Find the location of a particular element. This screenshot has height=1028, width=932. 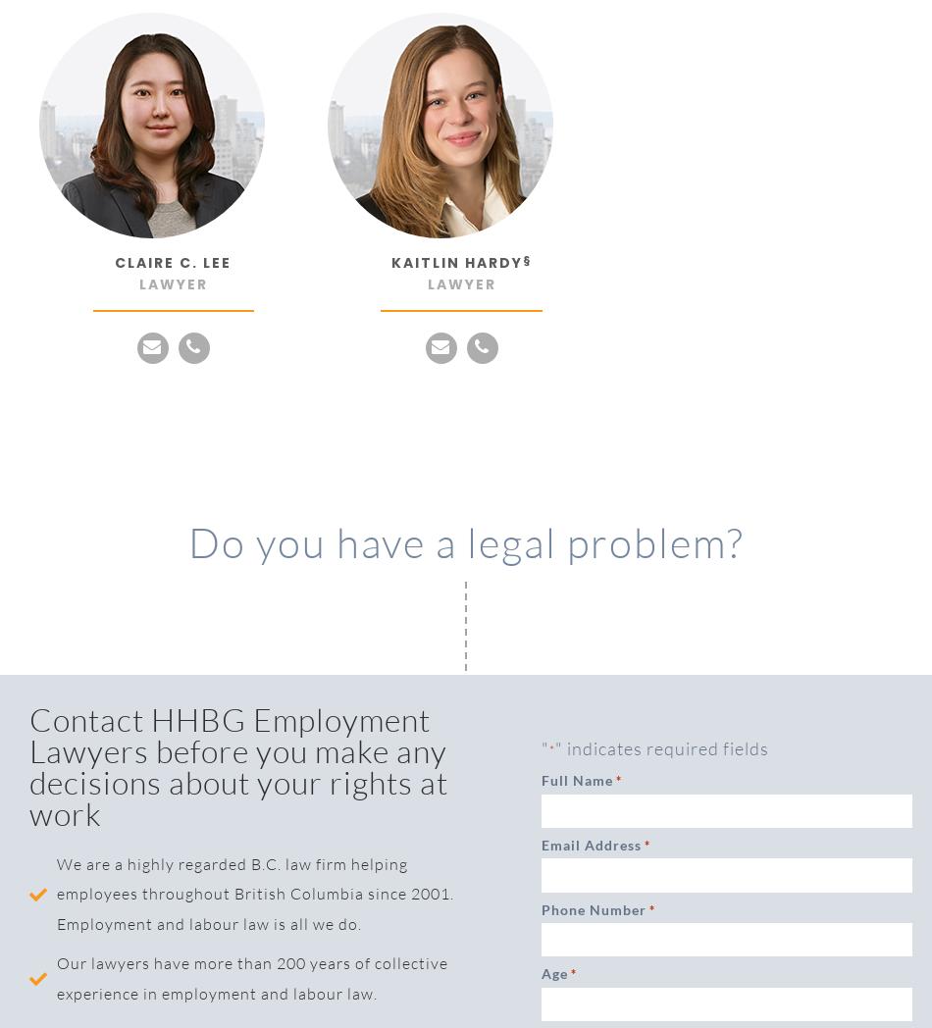

'Do you have a legal problem?' is located at coordinates (464, 540).